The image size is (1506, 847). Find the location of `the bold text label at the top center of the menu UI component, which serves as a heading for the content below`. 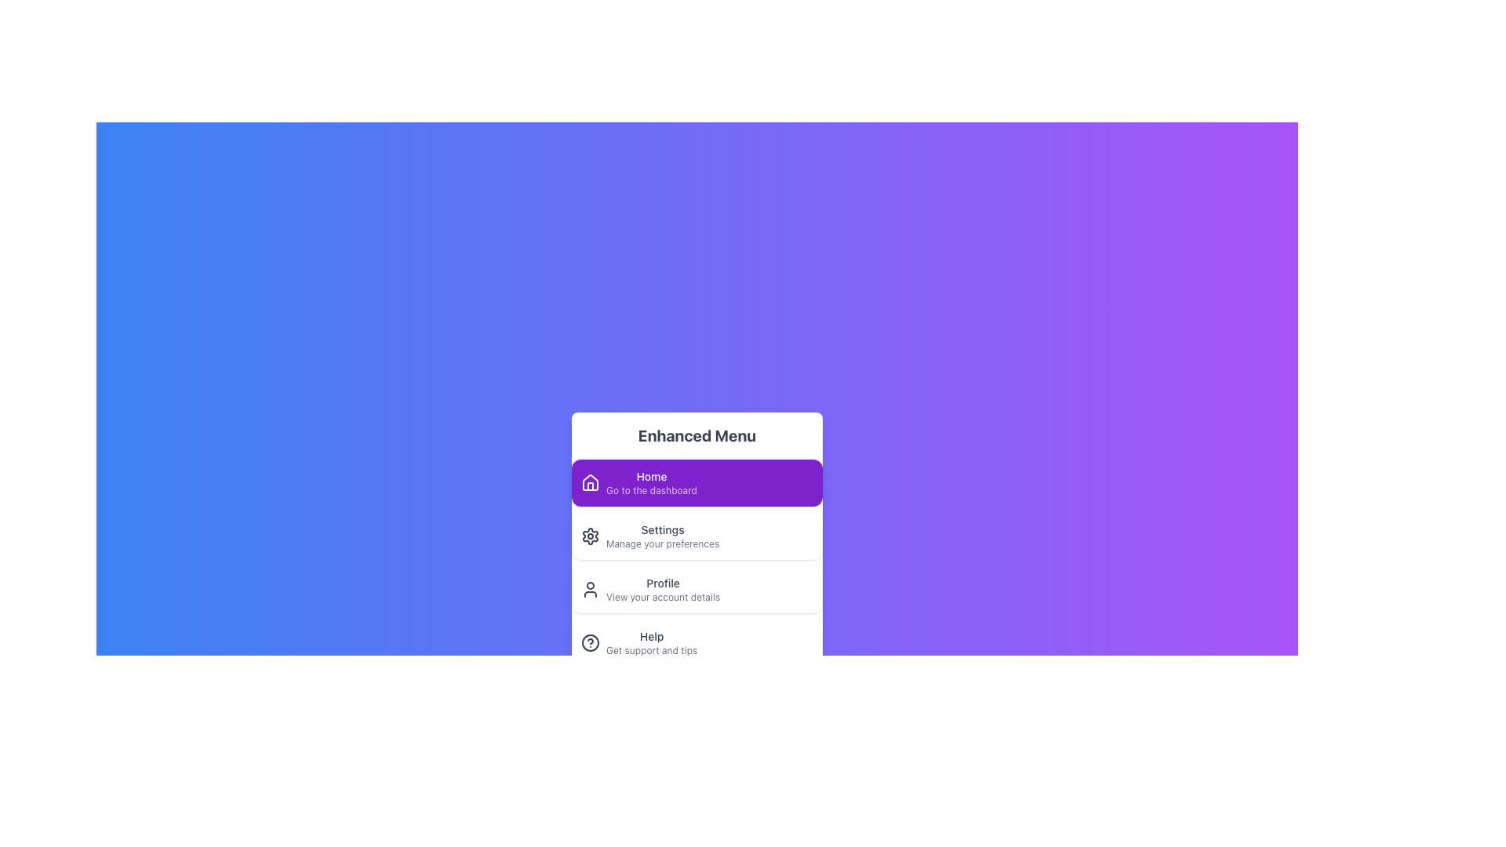

the bold text label at the top center of the menu UI component, which serves as a heading for the content below is located at coordinates (696, 435).